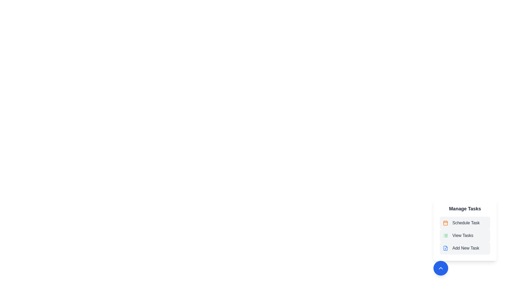 This screenshot has height=284, width=505. What do you see at coordinates (441, 268) in the screenshot?
I see `toggle button to collapse or expand the task manager` at bounding box center [441, 268].